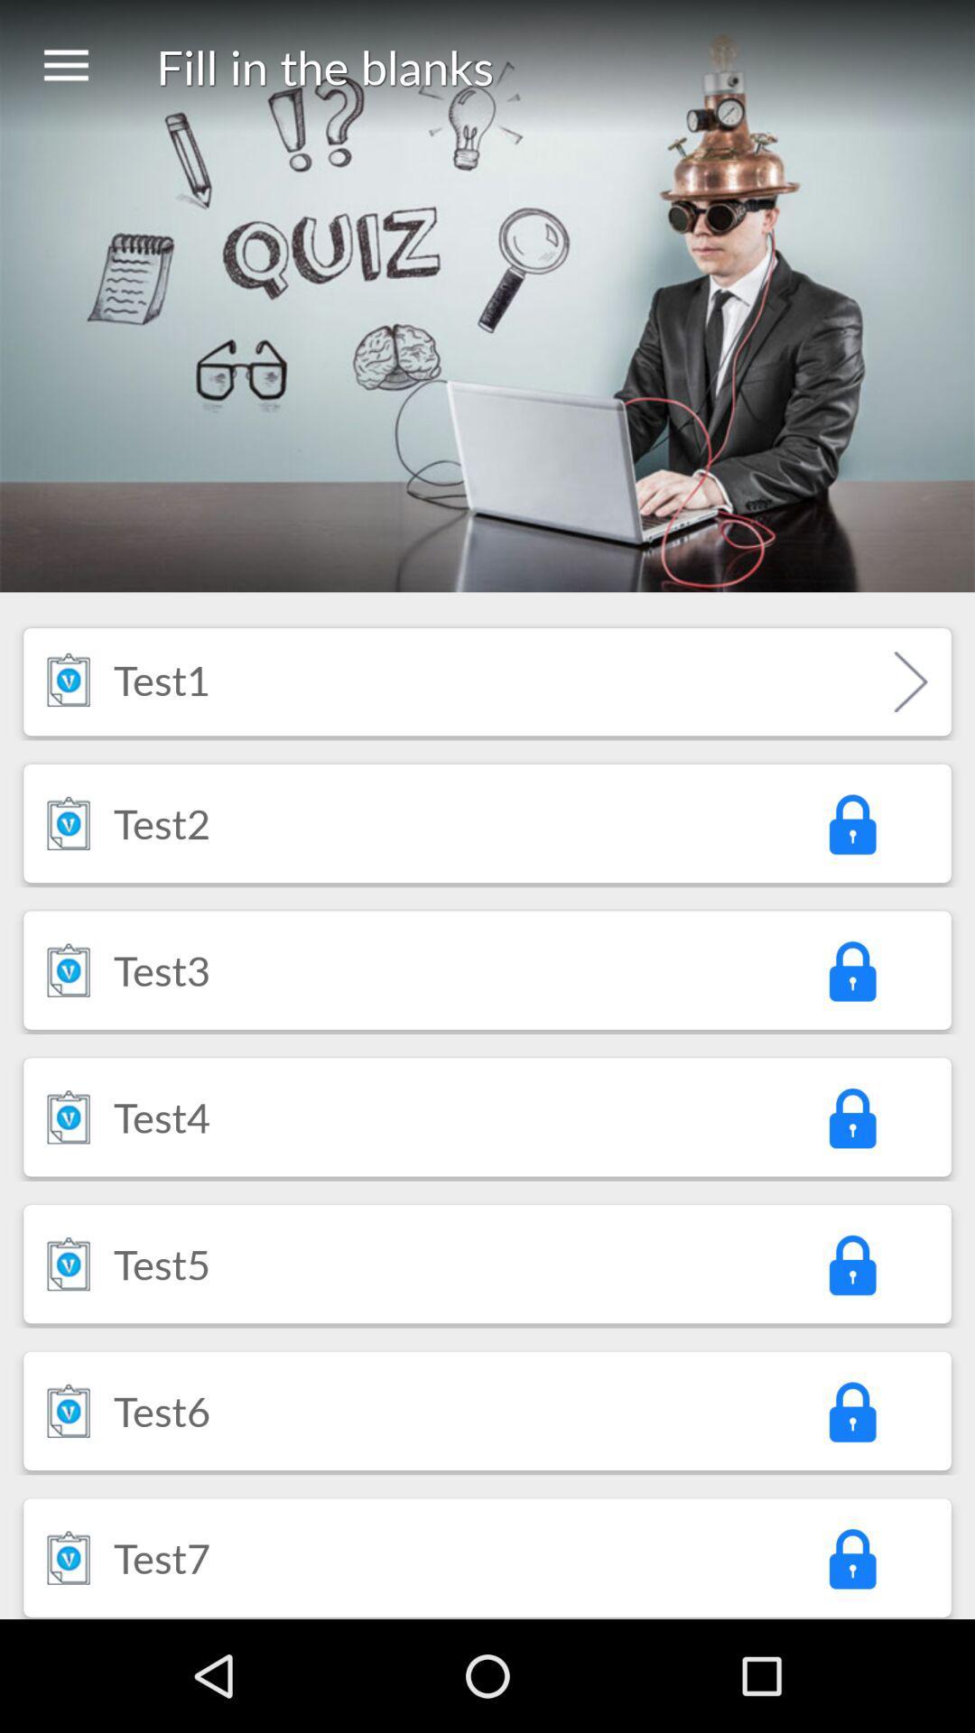 The width and height of the screenshot is (975, 1733). Describe the element at coordinates (161, 1116) in the screenshot. I see `the test4` at that location.